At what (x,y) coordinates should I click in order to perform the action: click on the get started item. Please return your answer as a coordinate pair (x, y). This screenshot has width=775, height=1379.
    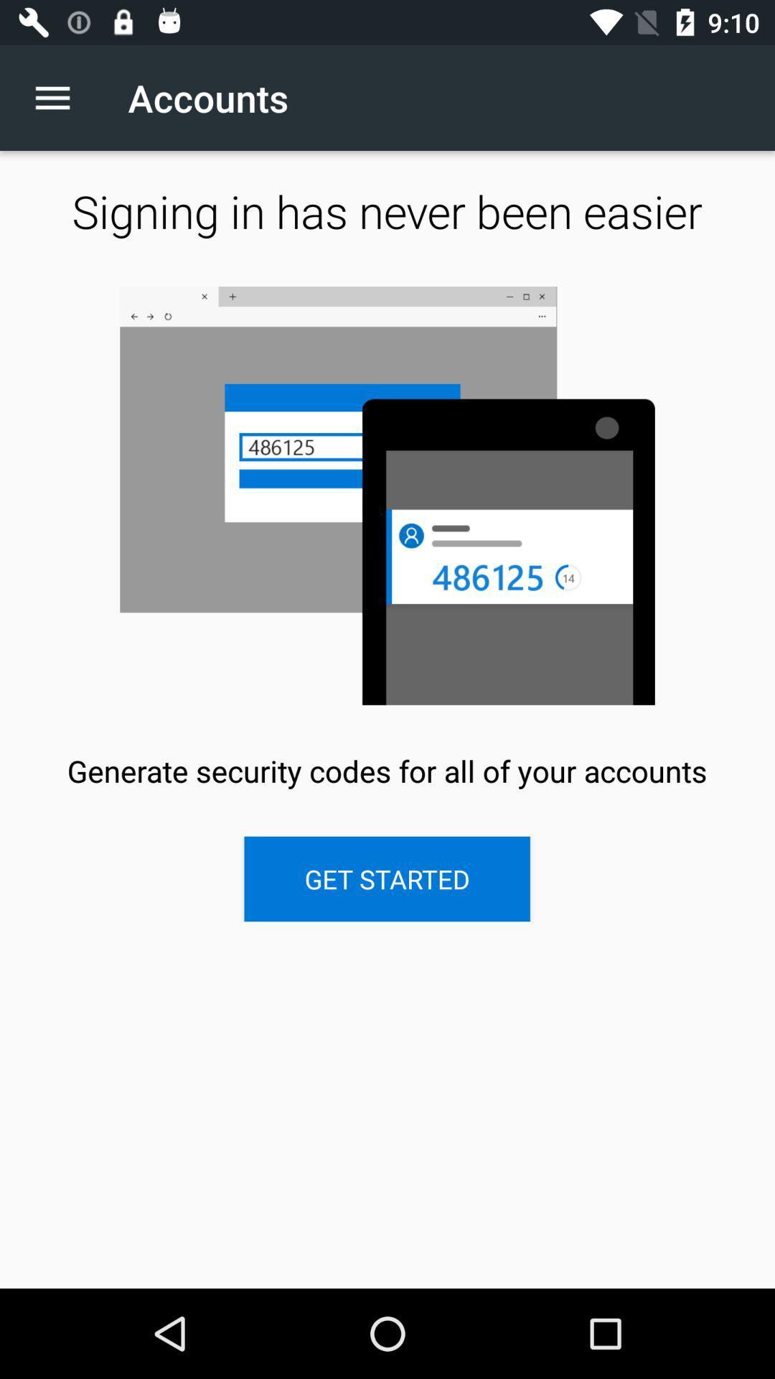
    Looking at the image, I should click on (386, 878).